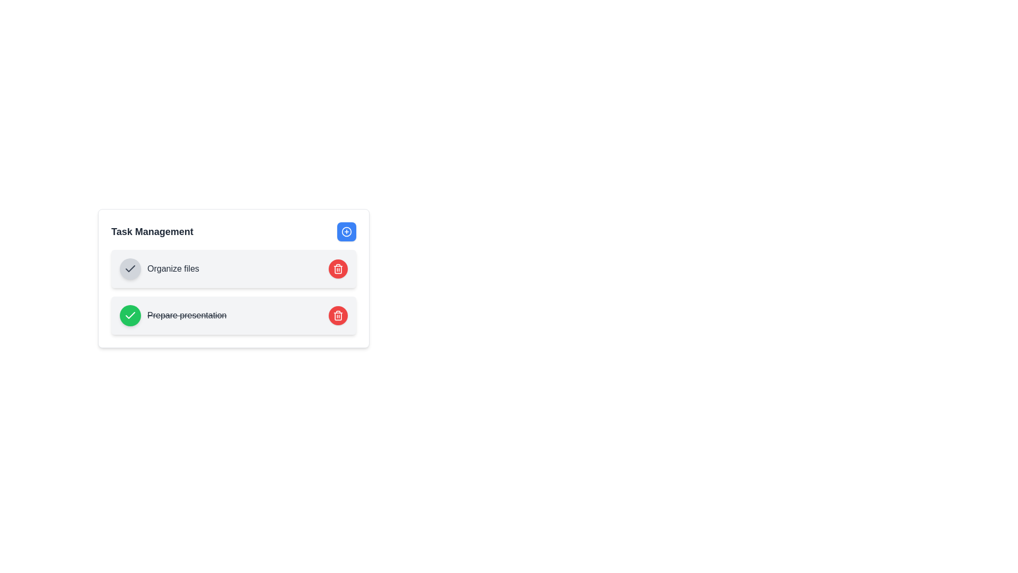  What do you see at coordinates (159, 268) in the screenshot?
I see `the first task list item labeled 'Organize files' which has a circular icon with a check mark on the left` at bounding box center [159, 268].